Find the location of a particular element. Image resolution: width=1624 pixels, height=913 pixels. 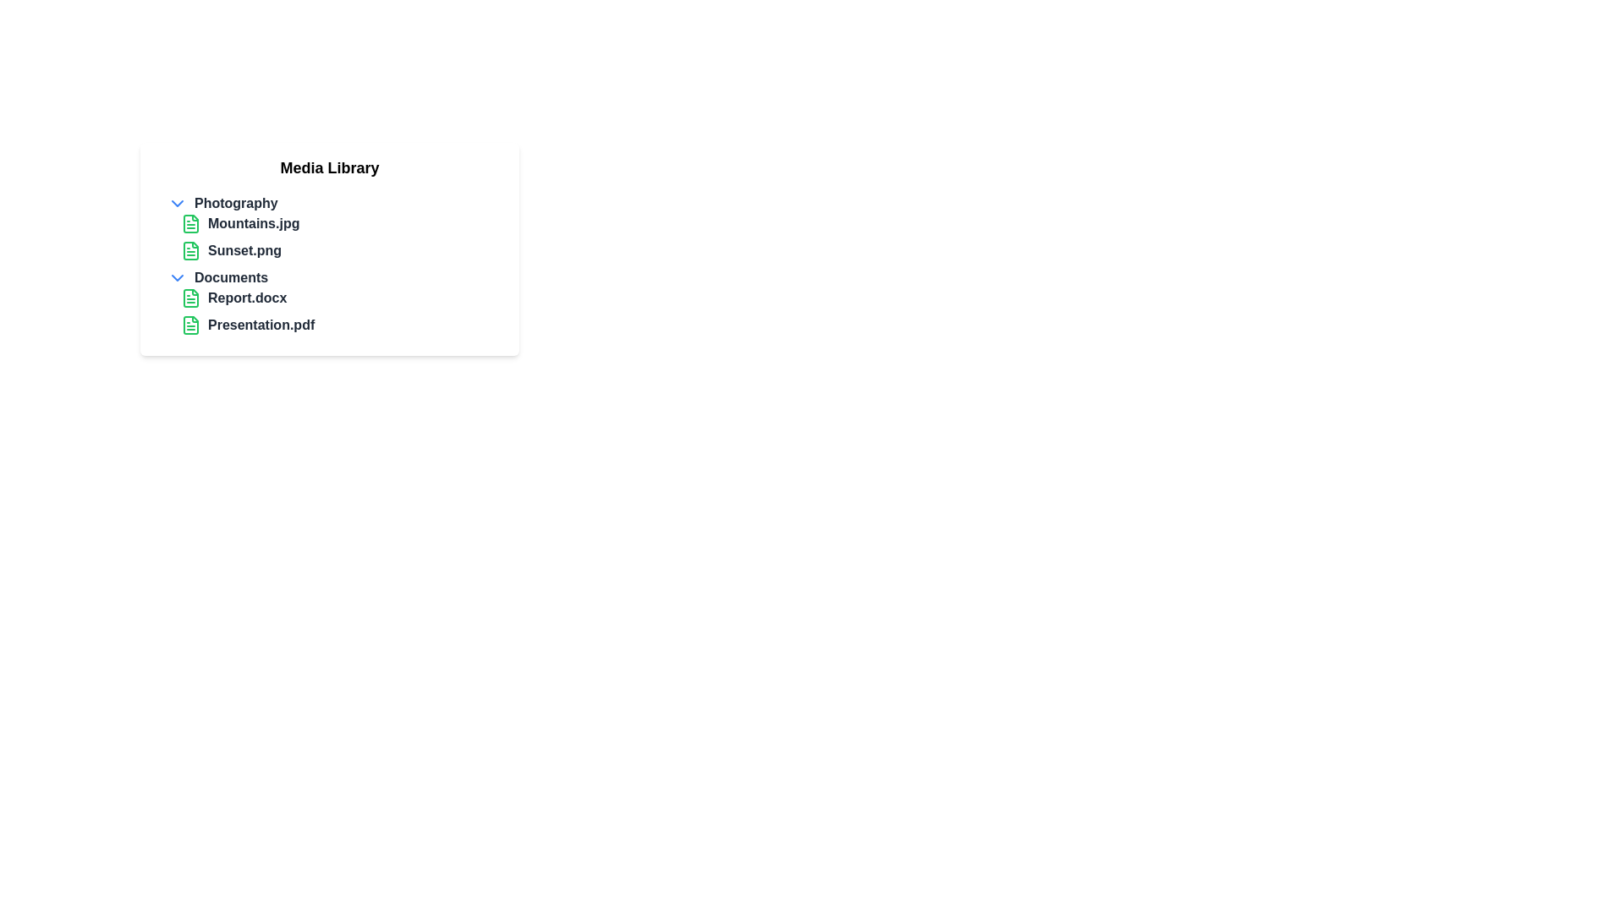

the list item representing the image file 'Mountains.jpg' is located at coordinates (343, 223).